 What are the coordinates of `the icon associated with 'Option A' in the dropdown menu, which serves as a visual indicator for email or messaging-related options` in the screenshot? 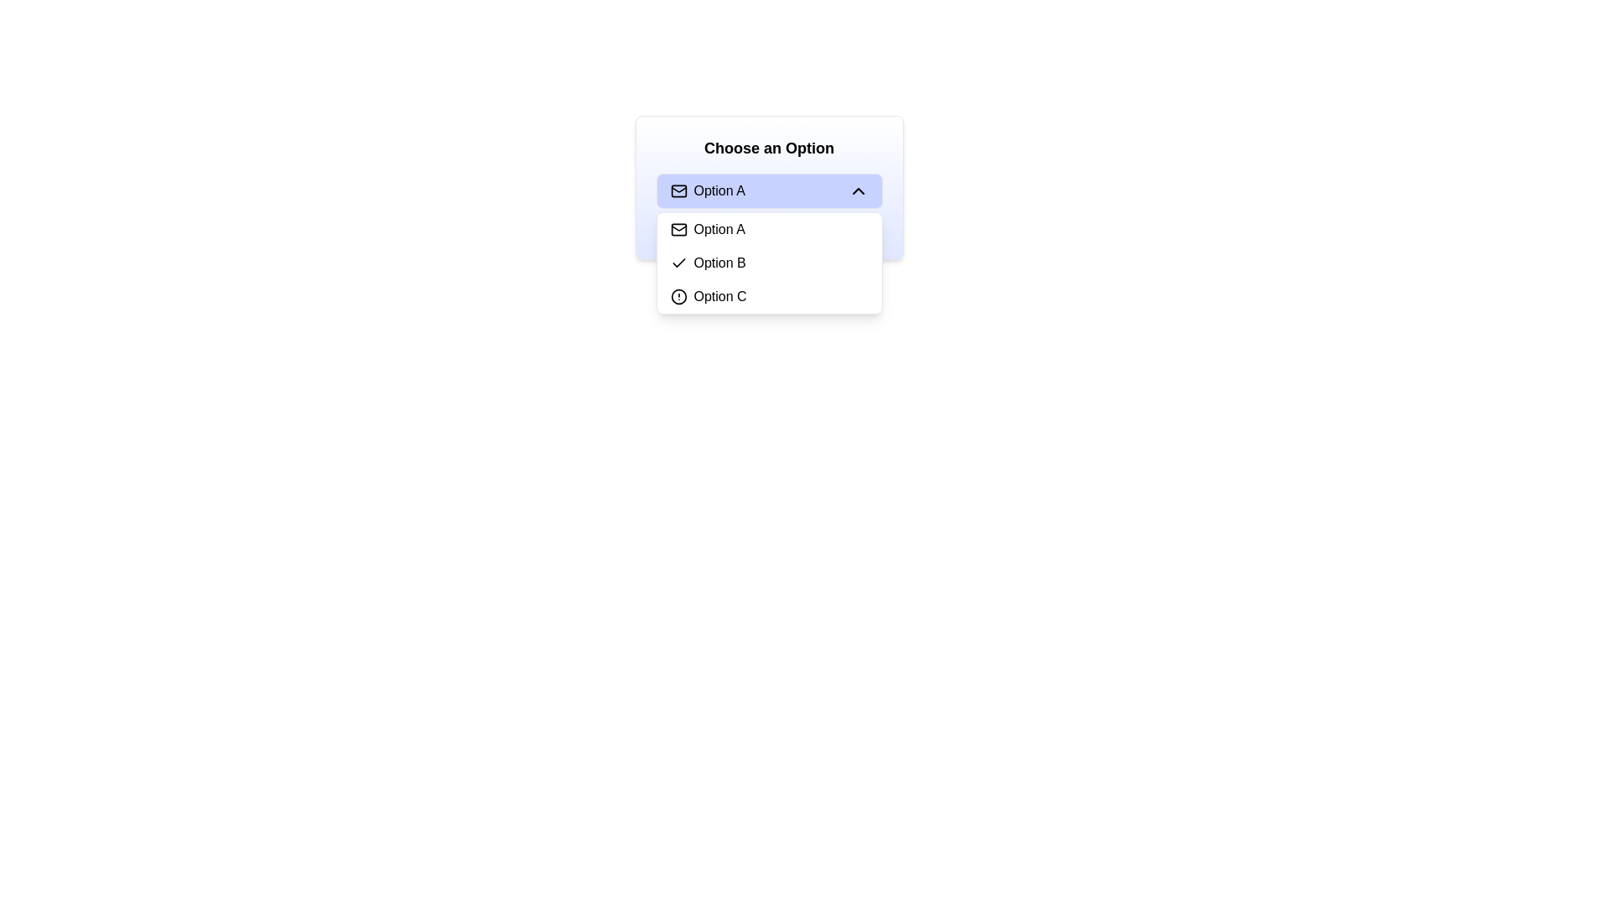 It's located at (678, 190).